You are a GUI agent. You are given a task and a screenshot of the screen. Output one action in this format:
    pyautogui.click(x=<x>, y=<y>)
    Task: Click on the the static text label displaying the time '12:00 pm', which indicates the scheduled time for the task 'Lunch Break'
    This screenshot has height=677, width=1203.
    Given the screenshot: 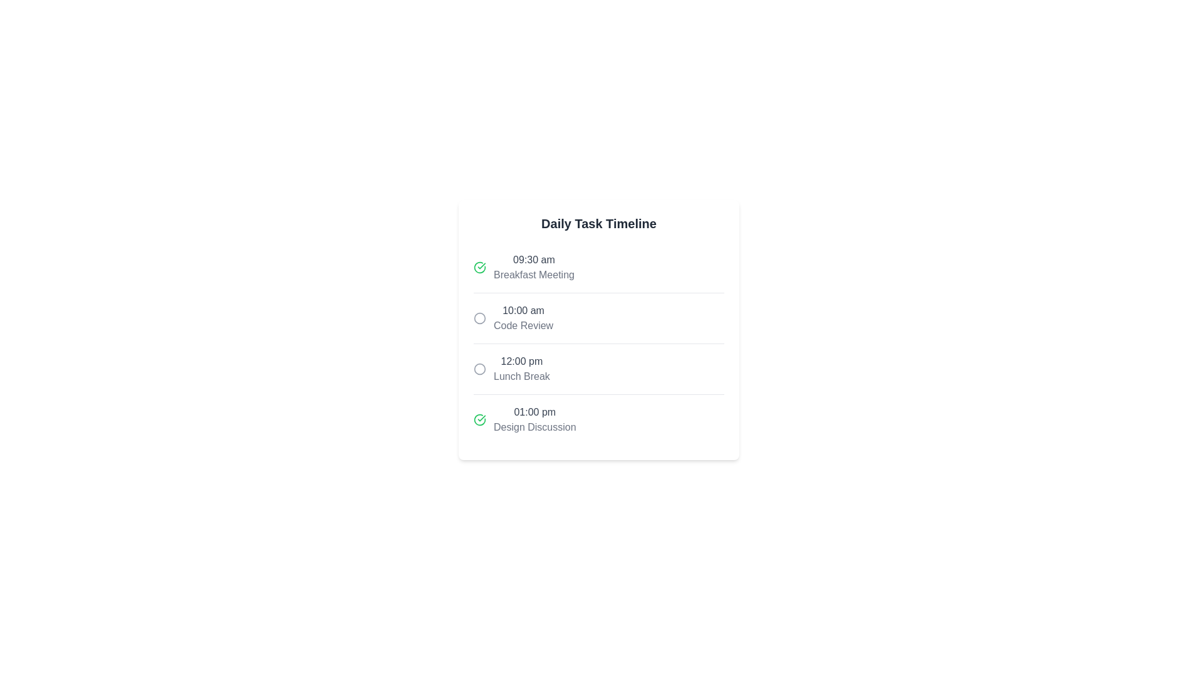 What is the action you would take?
    pyautogui.click(x=521, y=361)
    